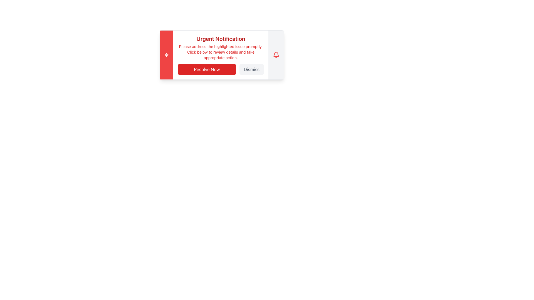 The height and width of the screenshot is (300, 534). Describe the element at coordinates (251, 69) in the screenshot. I see `the 'Dismiss' button with a light gray background and dark gray text to observe hover effects` at that location.